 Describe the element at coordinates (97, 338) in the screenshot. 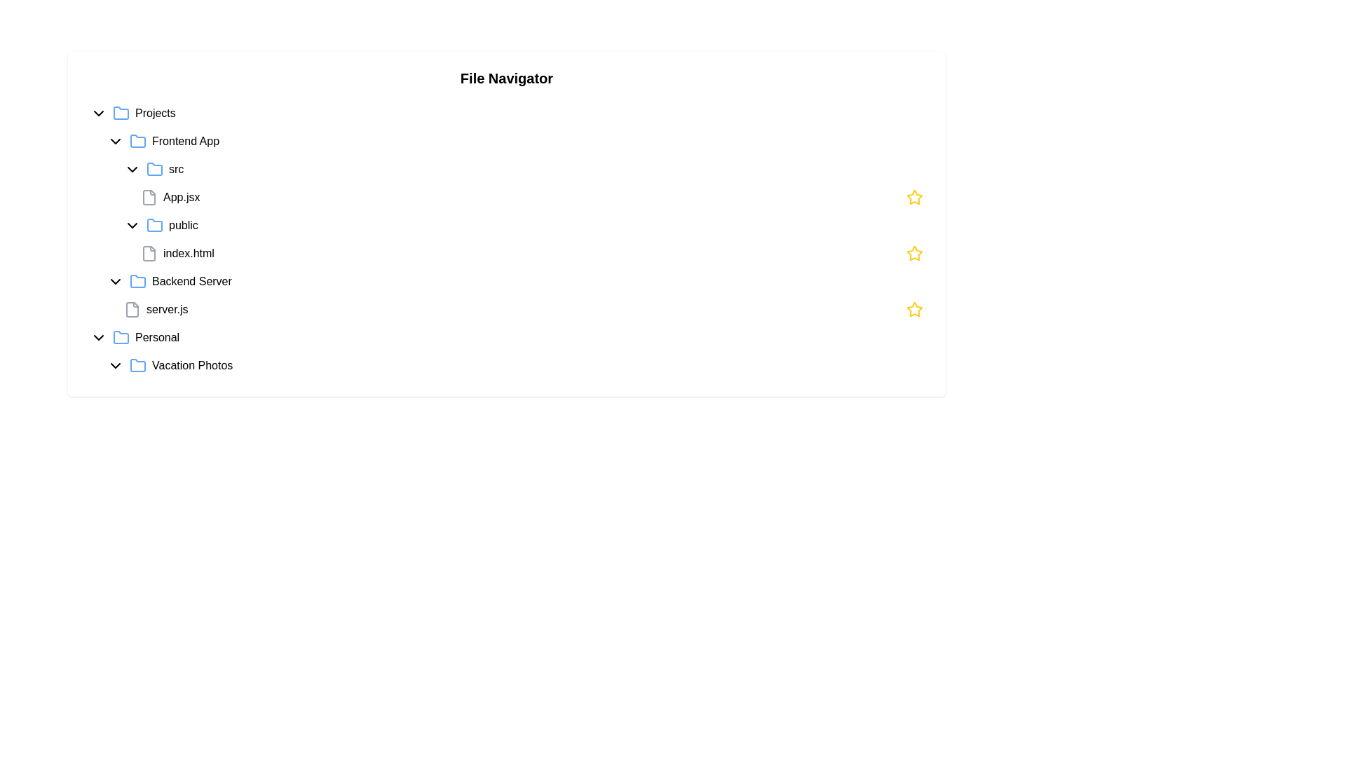

I see `the downward-pointing chevron-shaped icon that indicates expandable sections, located before the text 'Personal' in the navigation interface` at that location.